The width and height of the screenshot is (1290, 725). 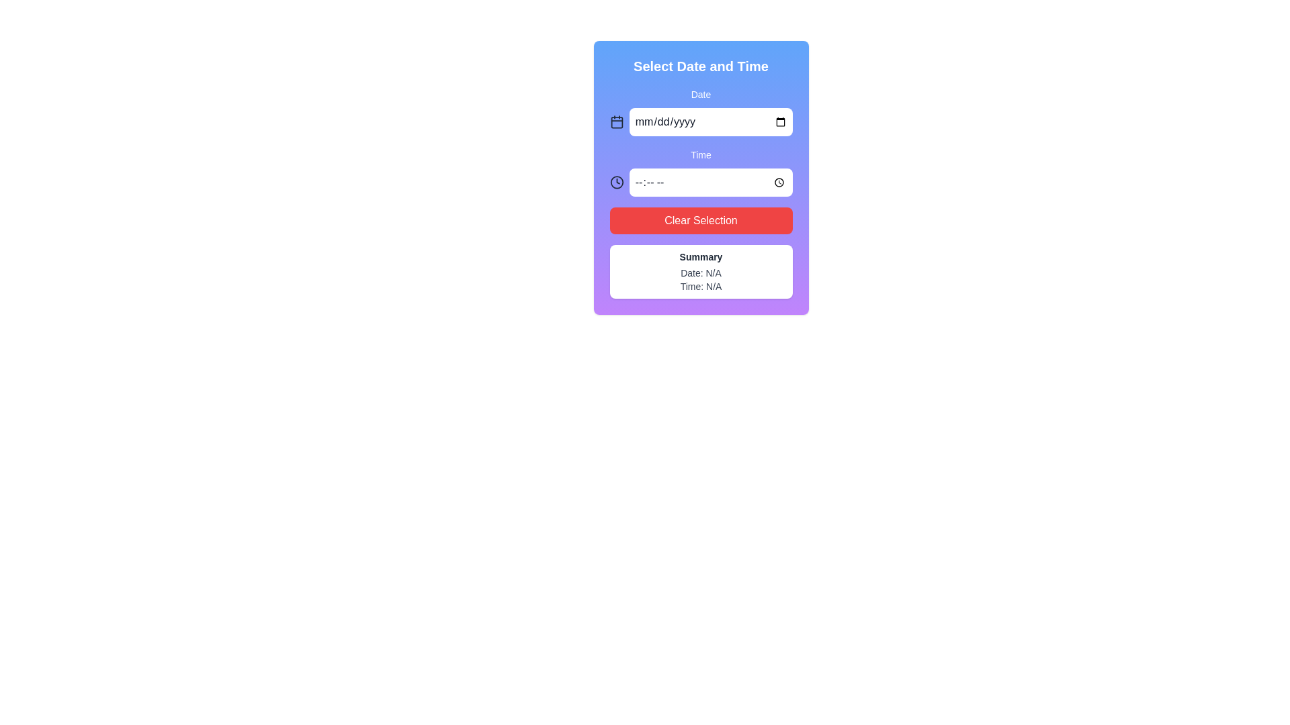 What do you see at coordinates (616, 122) in the screenshot?
I see `the calendar icon located adjacent to the 'Date' input field` at bounding box center [616, 122].